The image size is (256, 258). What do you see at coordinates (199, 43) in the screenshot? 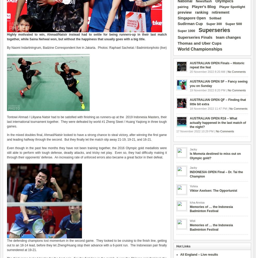
I see `'Thomas and Uber Cups'` at bounding box center [199, 43].